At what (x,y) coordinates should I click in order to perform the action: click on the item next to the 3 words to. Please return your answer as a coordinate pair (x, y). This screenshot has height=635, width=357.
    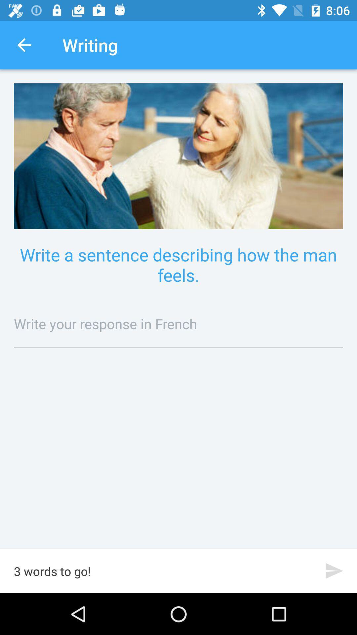
    Looking at the image, I should click on (334, 571).